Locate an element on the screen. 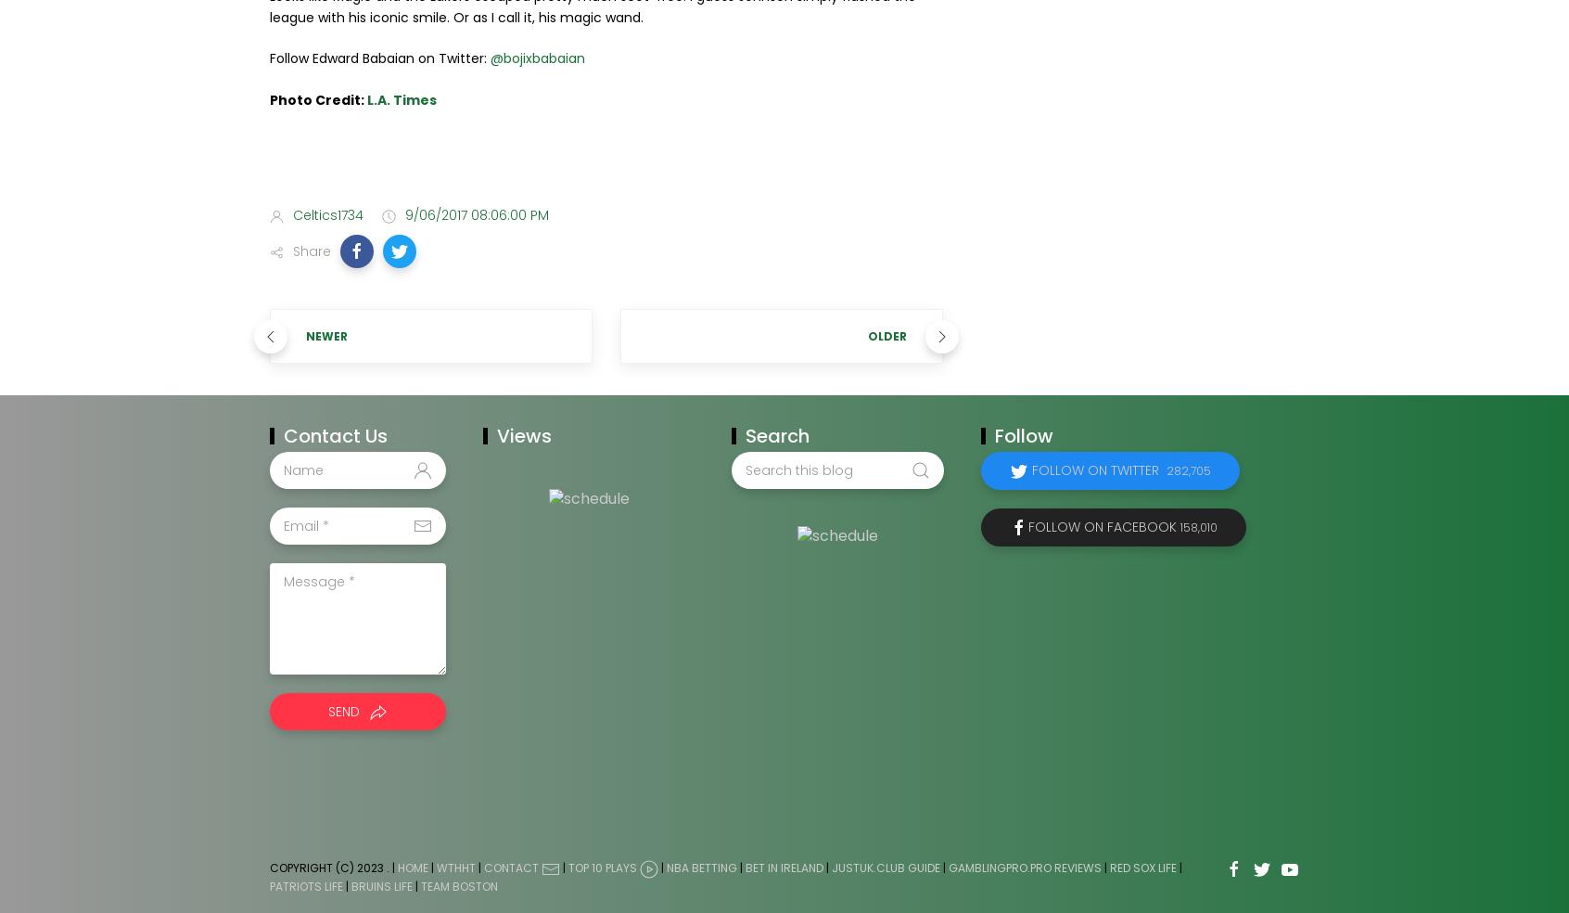 The height and width of the screenshot is (913, 1569). '@bojixbabaian' is located at coordinates (537, 57).